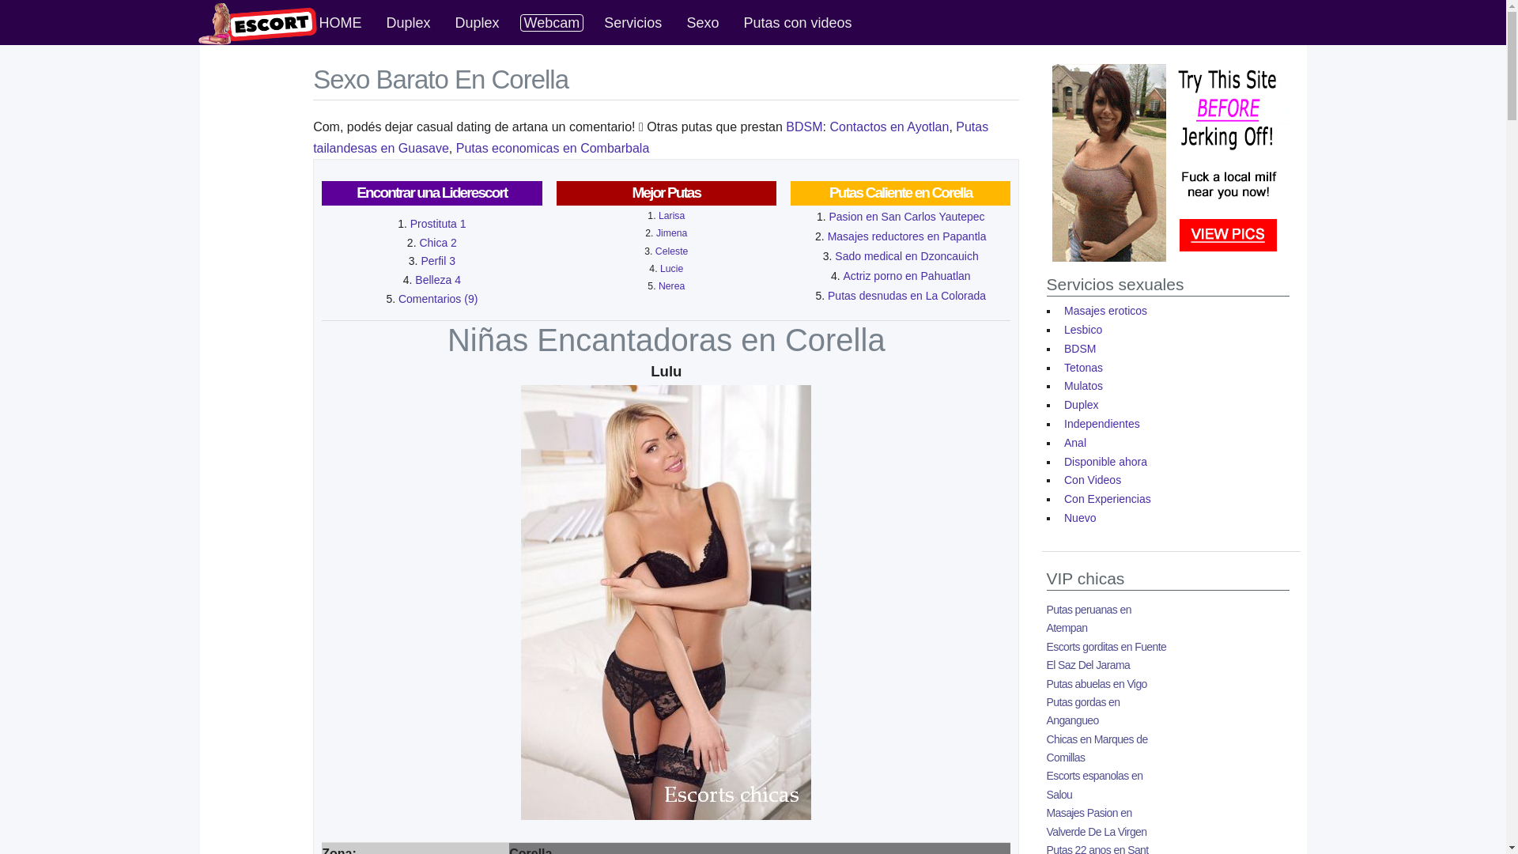 This screenshot has width=1518, height=854. What do you see at coordinates (437, 260) in the screenshot?
I see `'Perfil 3'` at bounding box center [437, 260].